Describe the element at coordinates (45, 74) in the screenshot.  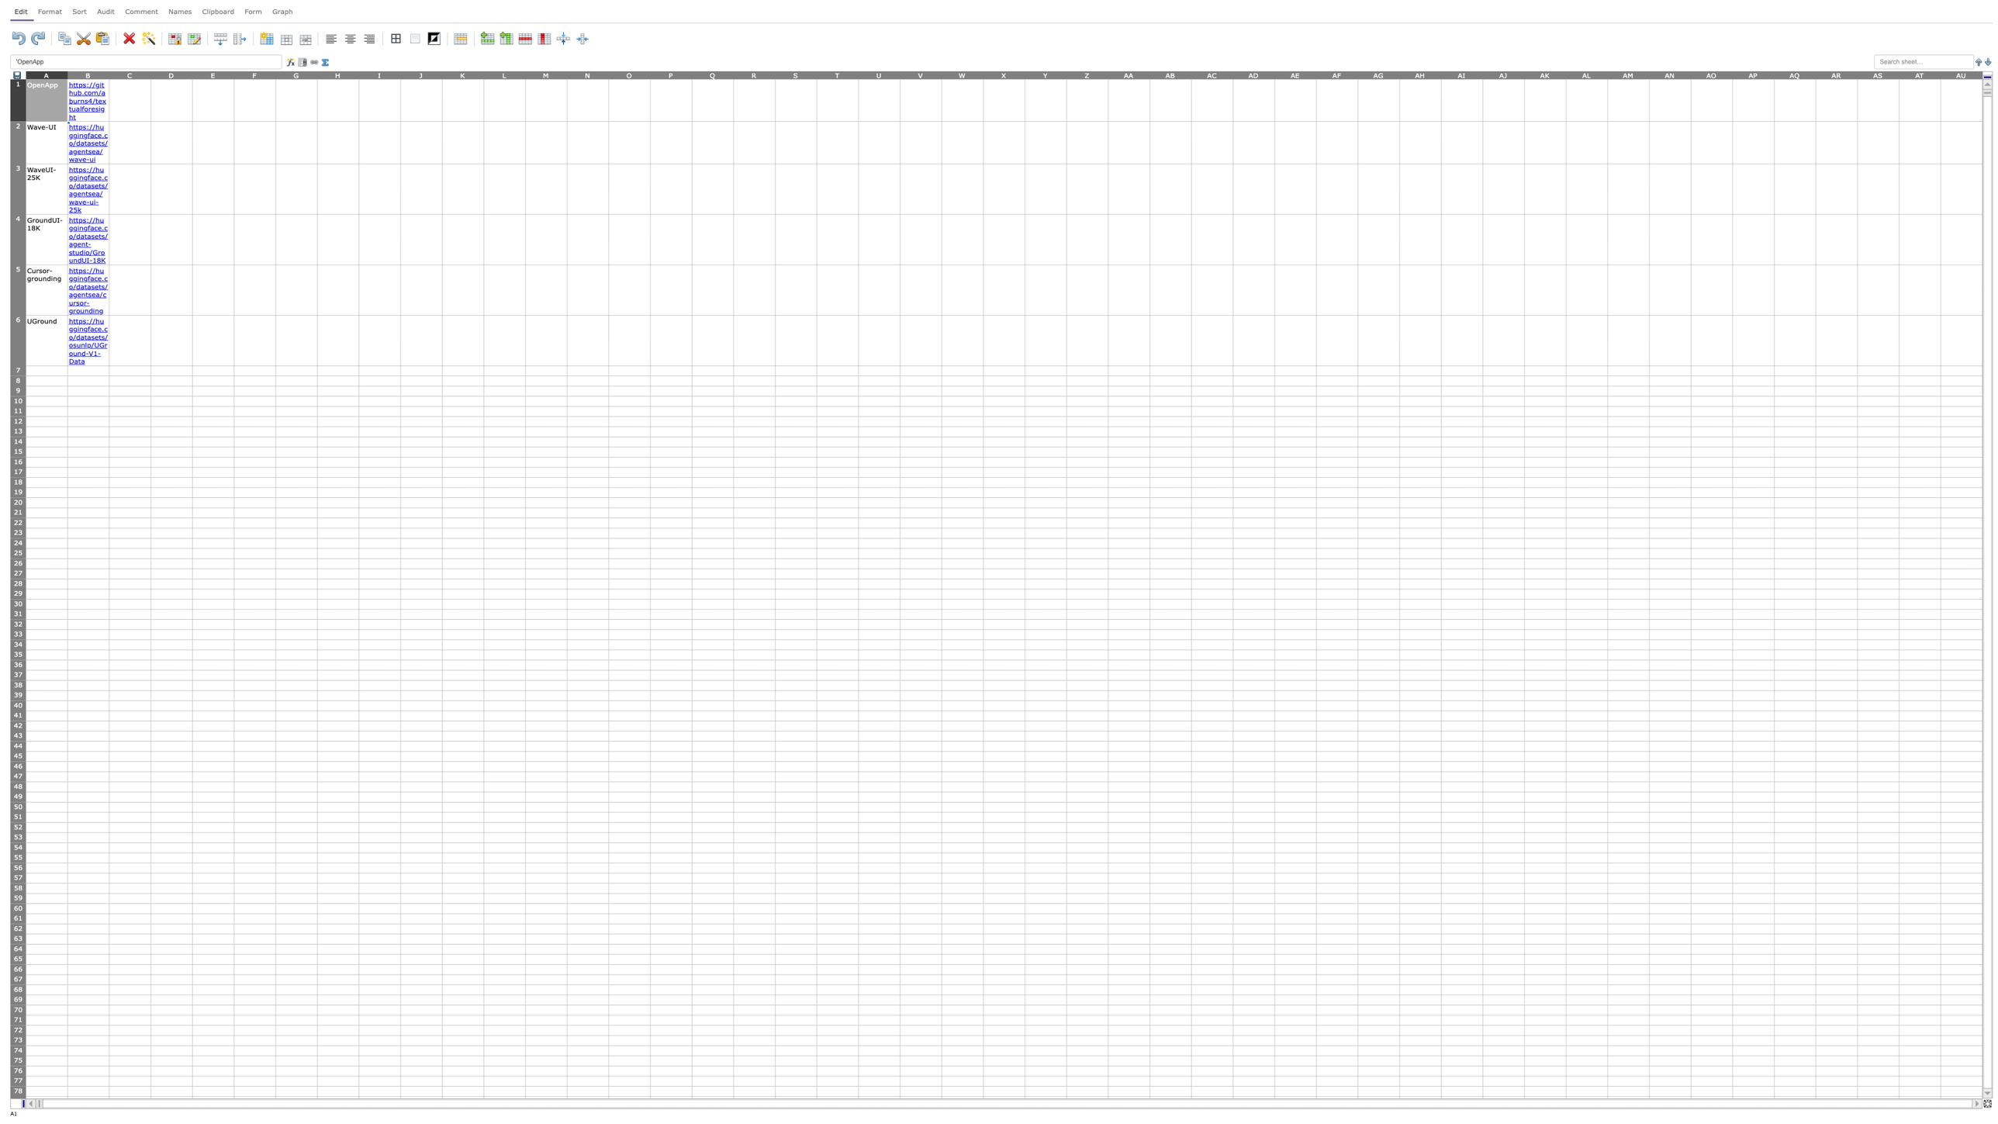
I see `Activate column A` at that location.